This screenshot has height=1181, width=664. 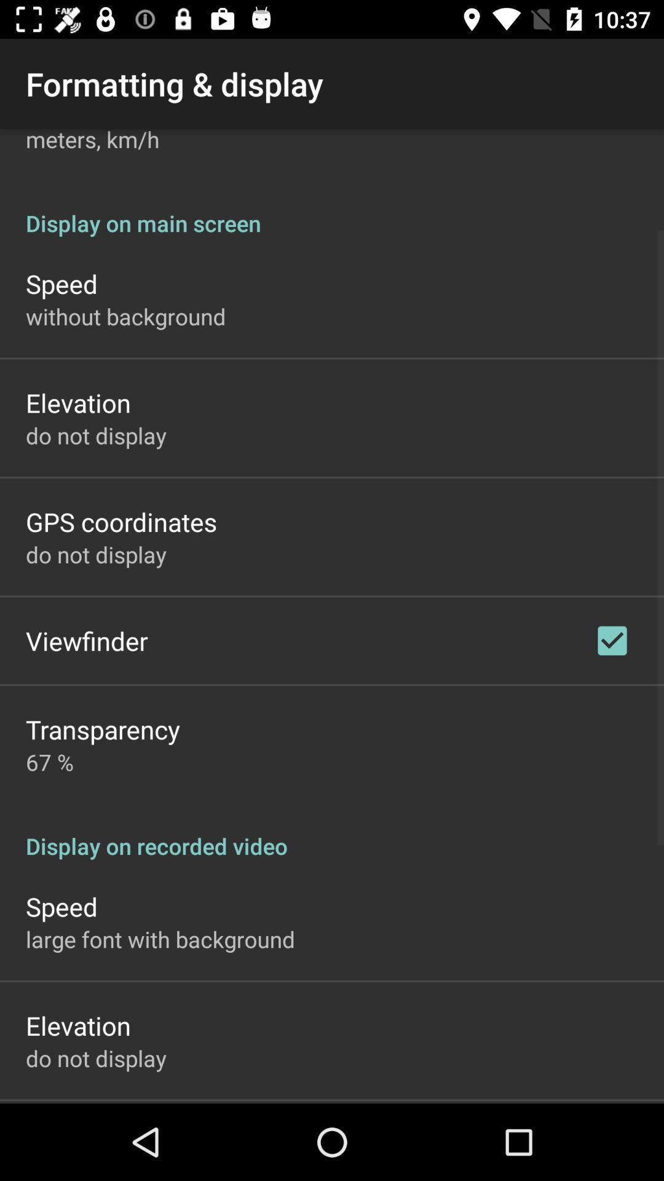 What do you see at coordinates (92, 141) in the screenshot?
I see `meters, km/h item` at bounding box center [92, 141].